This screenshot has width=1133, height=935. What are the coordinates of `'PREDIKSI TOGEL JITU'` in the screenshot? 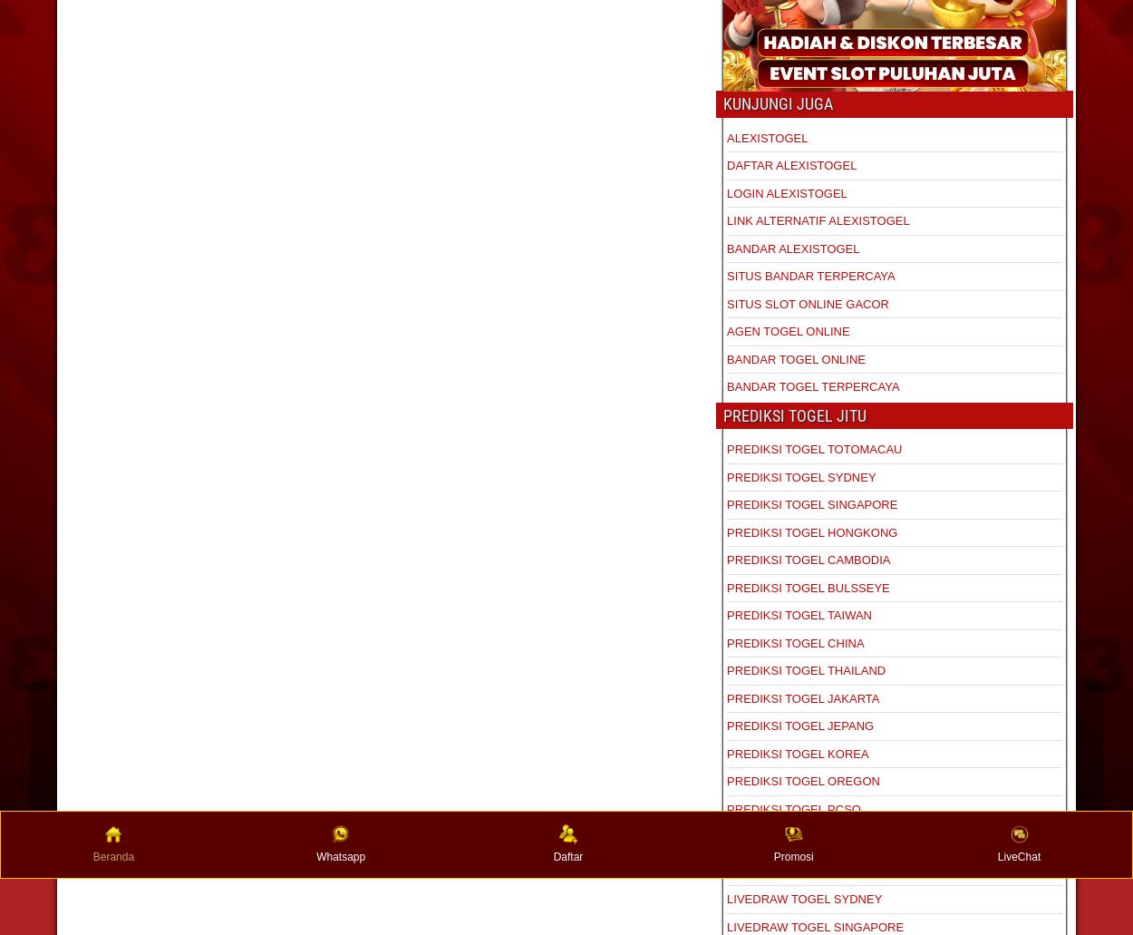 It's located at (795, 414).